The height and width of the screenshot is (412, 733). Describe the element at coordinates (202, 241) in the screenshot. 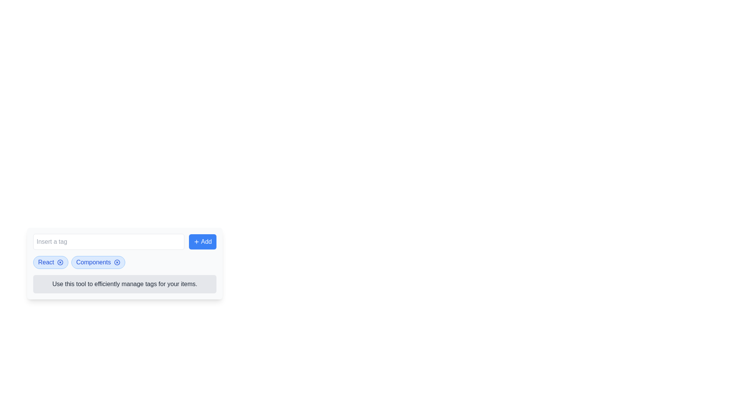

I see `the button that allows users to add tags, located to the right of the 'Insert a tag' input field` at that location.